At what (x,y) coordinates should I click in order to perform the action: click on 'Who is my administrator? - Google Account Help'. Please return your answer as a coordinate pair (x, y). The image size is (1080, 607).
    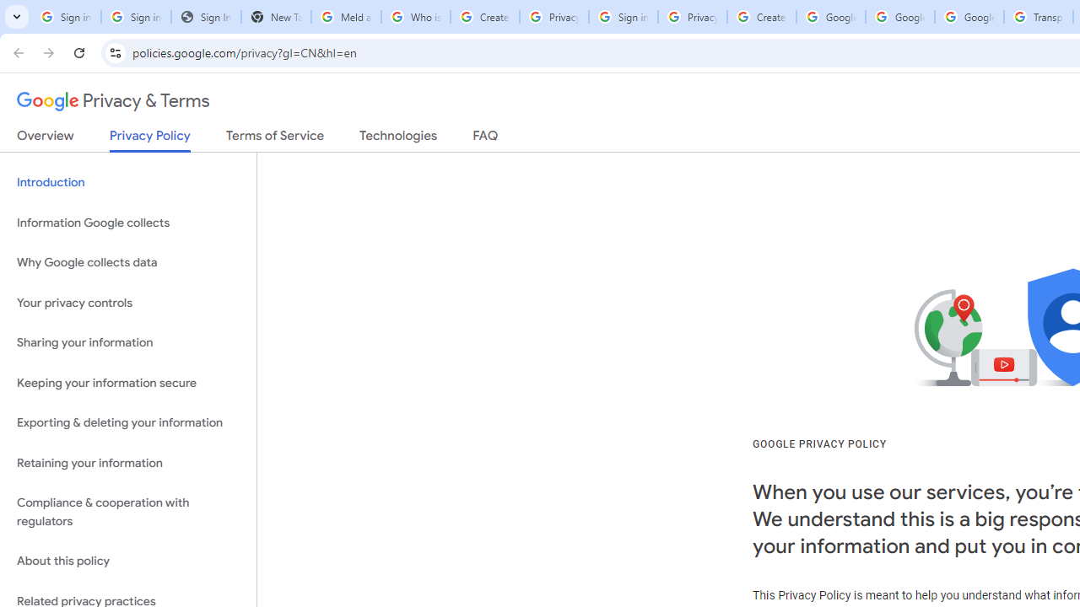
    Looking at the image, I should click on (415, 17).